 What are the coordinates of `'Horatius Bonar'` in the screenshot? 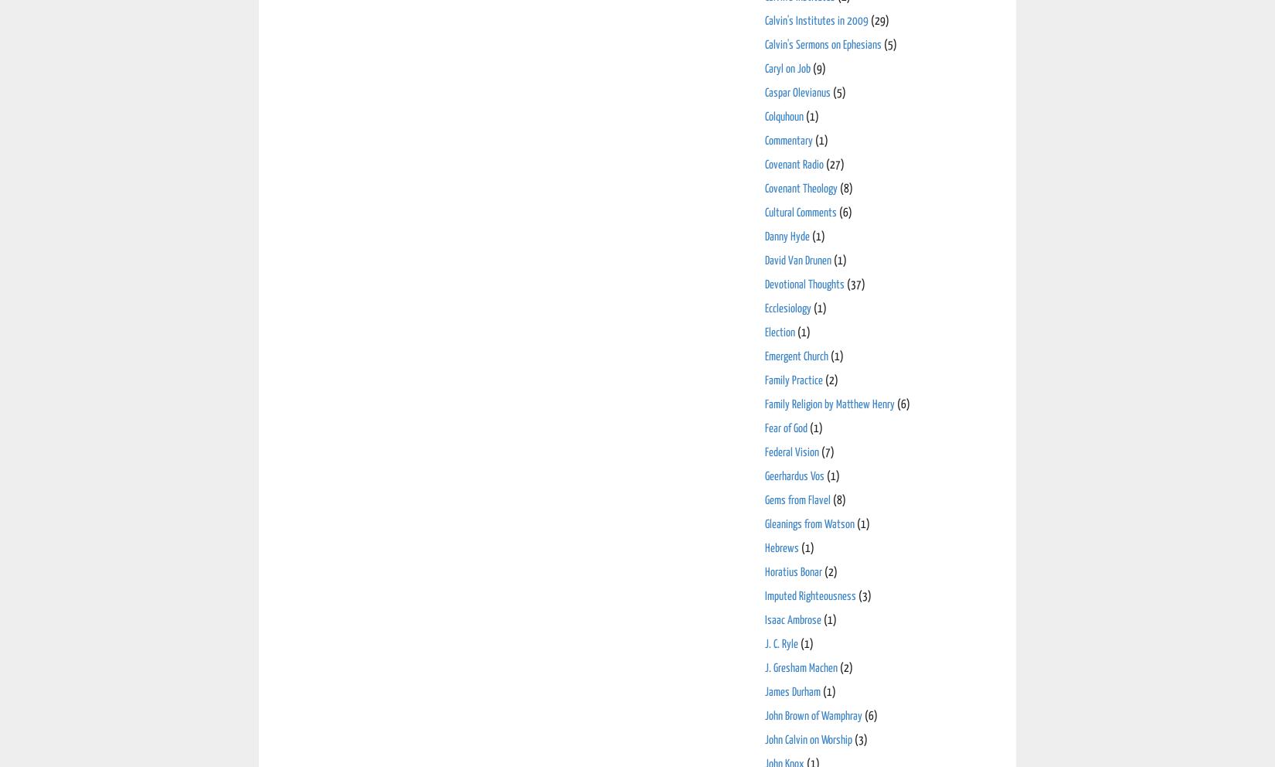 It's located at (793, 571).